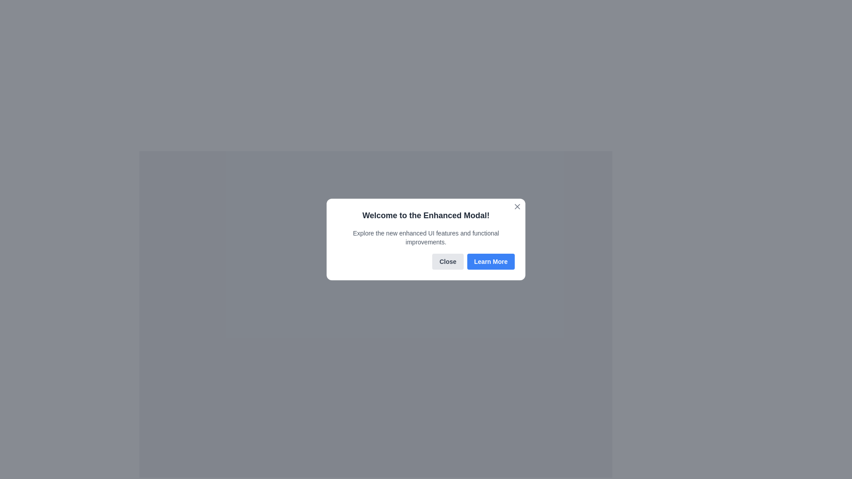 Image resolution: width=852 pixels, height=479 pixels. Describe the element at coordinates (490, 261) in the screenshot. I see `the 'Learn More' button located in the bottom-right corner of the modal dialog box, adjacent to the 'Close' button, to observe hover effects` at that location.